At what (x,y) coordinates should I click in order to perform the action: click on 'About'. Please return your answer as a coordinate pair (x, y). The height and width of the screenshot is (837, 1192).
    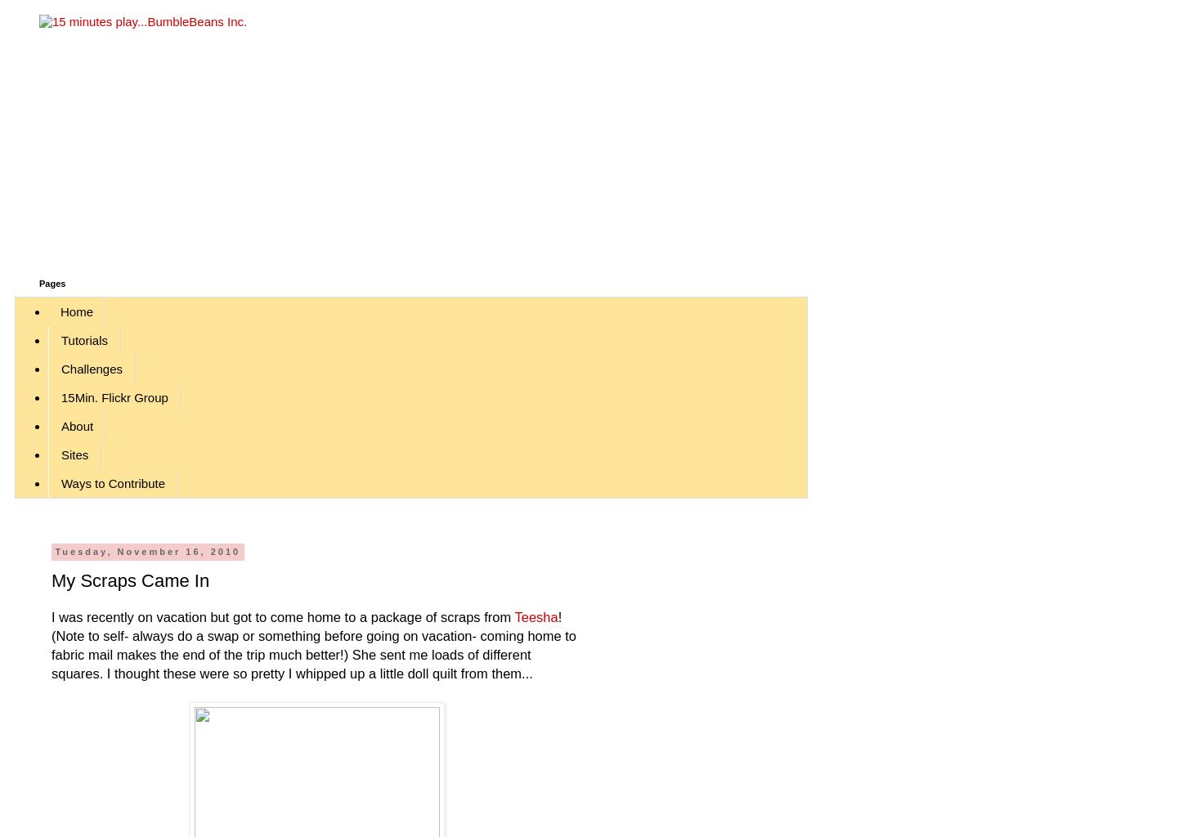
    Looking at the image, I should click on (76, 426).